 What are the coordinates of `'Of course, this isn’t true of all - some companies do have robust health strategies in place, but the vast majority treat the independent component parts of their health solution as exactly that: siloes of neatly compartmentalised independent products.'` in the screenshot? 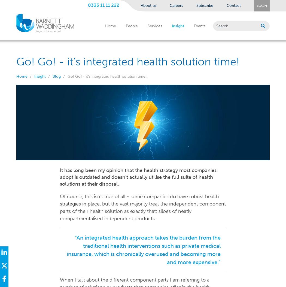 It's located at (59, 207).